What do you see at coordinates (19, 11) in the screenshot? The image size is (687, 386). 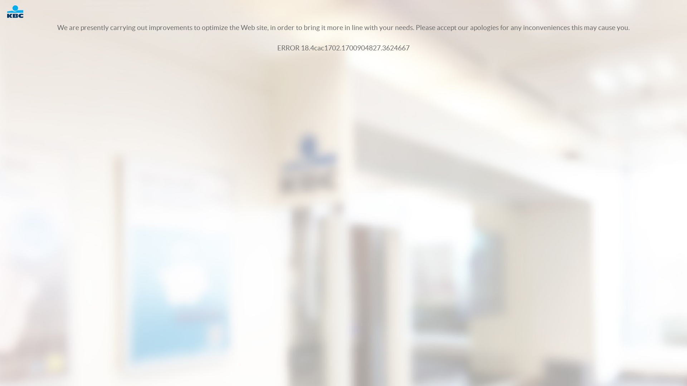 I see `'Logo'` at bounding box center [19, 11].